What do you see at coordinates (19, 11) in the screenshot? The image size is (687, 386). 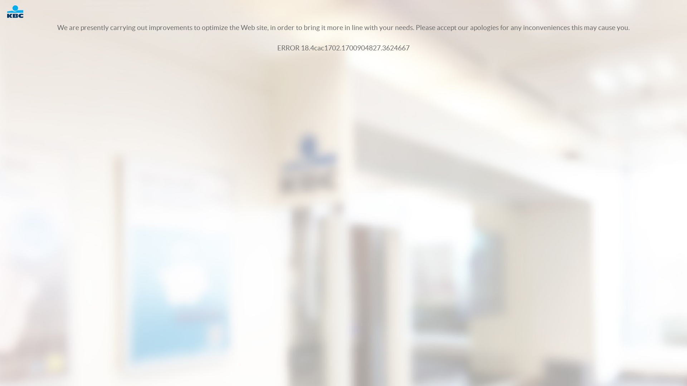 I see `'Logo'` at bounding box center [19, 11].